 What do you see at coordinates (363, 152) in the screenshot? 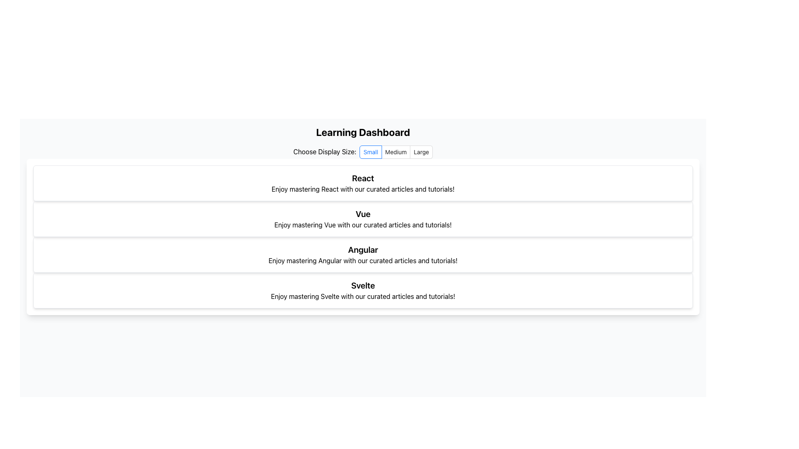
I see `the 'Small' radio button in the radio button group located below the 'Learning Dashboard' header` at bounding box center [363, 152].